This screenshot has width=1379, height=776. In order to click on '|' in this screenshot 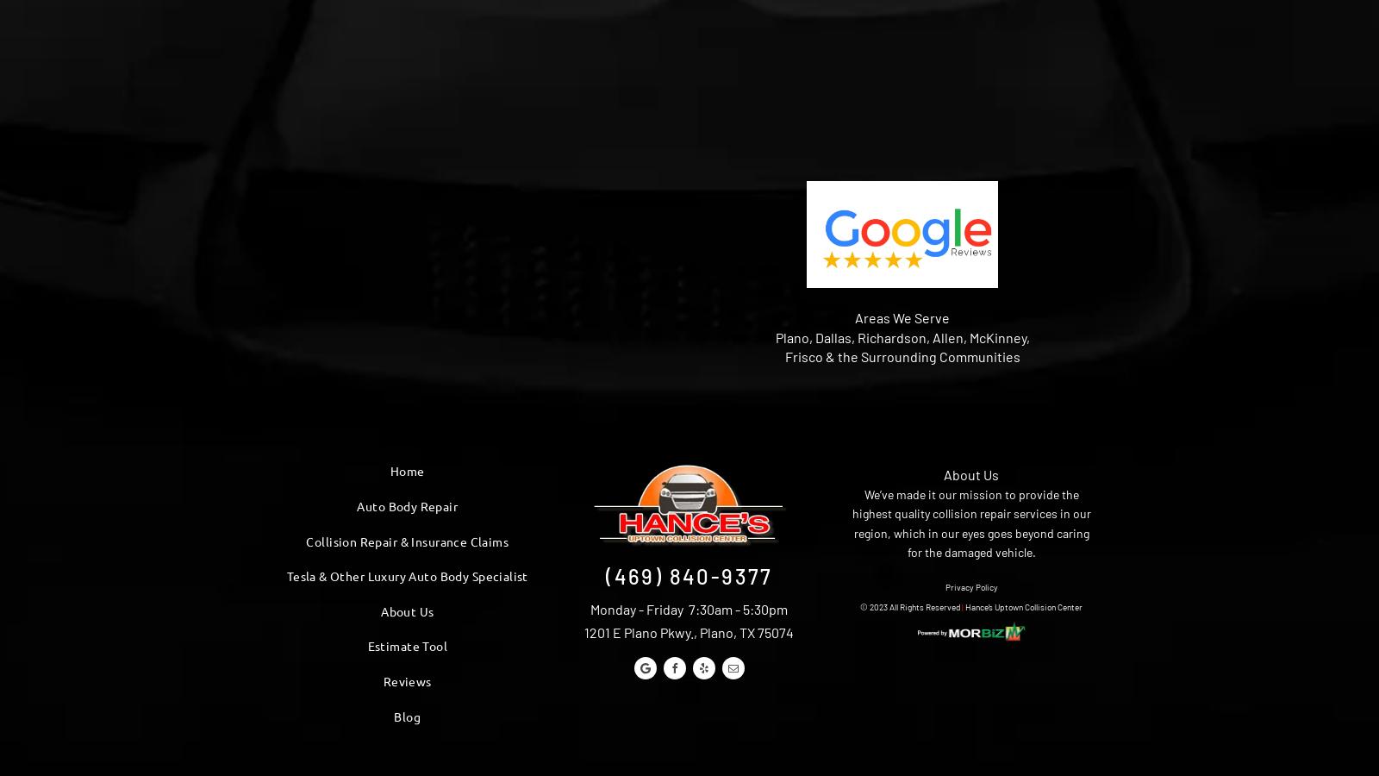, I will do `click(962, 605)`.